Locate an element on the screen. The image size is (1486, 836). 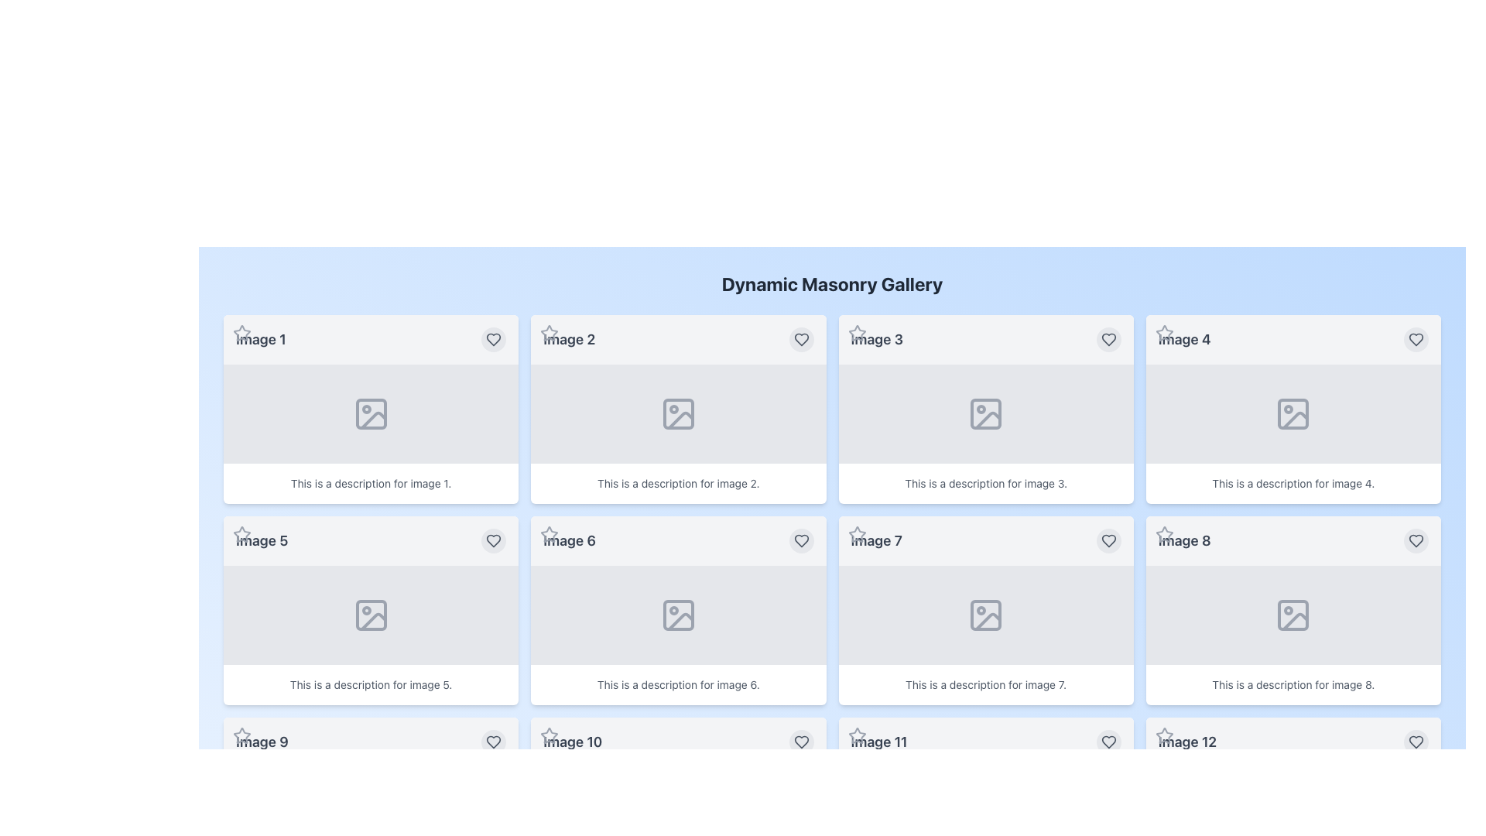
the star icon located at the top-left corner of the 'Image 2' card is located at coordinates (550, 333).